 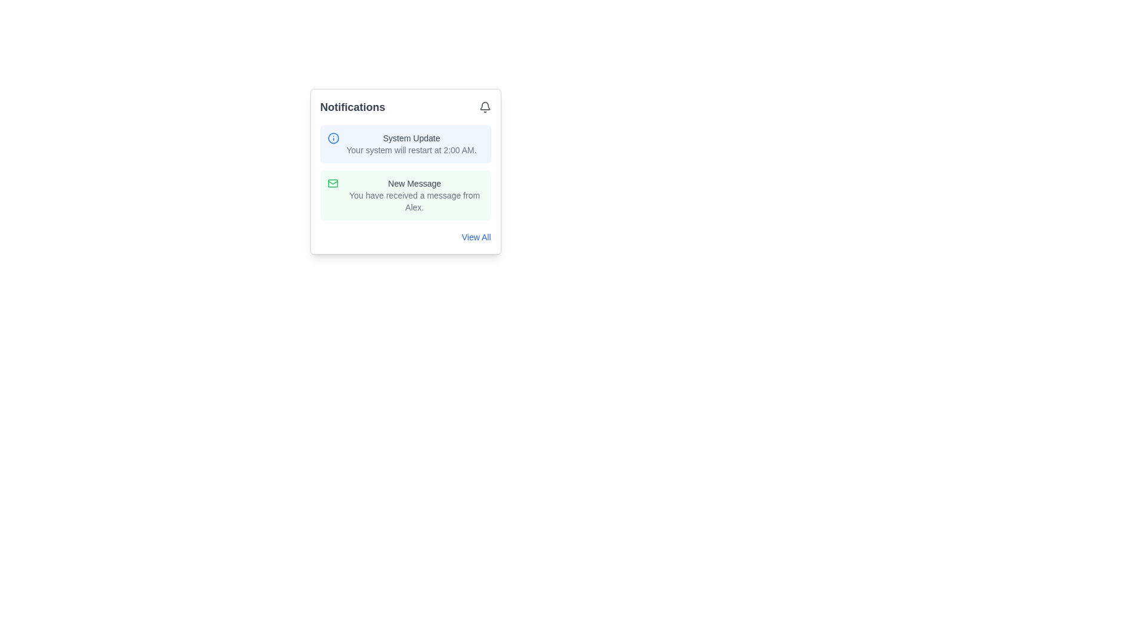 I want to click on the heading label of the notification that summarizes its content, positioned at the top of the notification card, so click(x=411, y=137).